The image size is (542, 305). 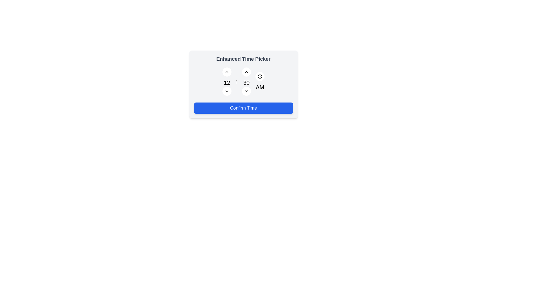 What do you see at coordinates (227, 83) in the screenshot?
I see `the numerical text display reading '12' to focus it, which is centrally located in the time picker UI, positioned between an upward arrow icon and a downward arrow icon` at bounding box center [227, 83].